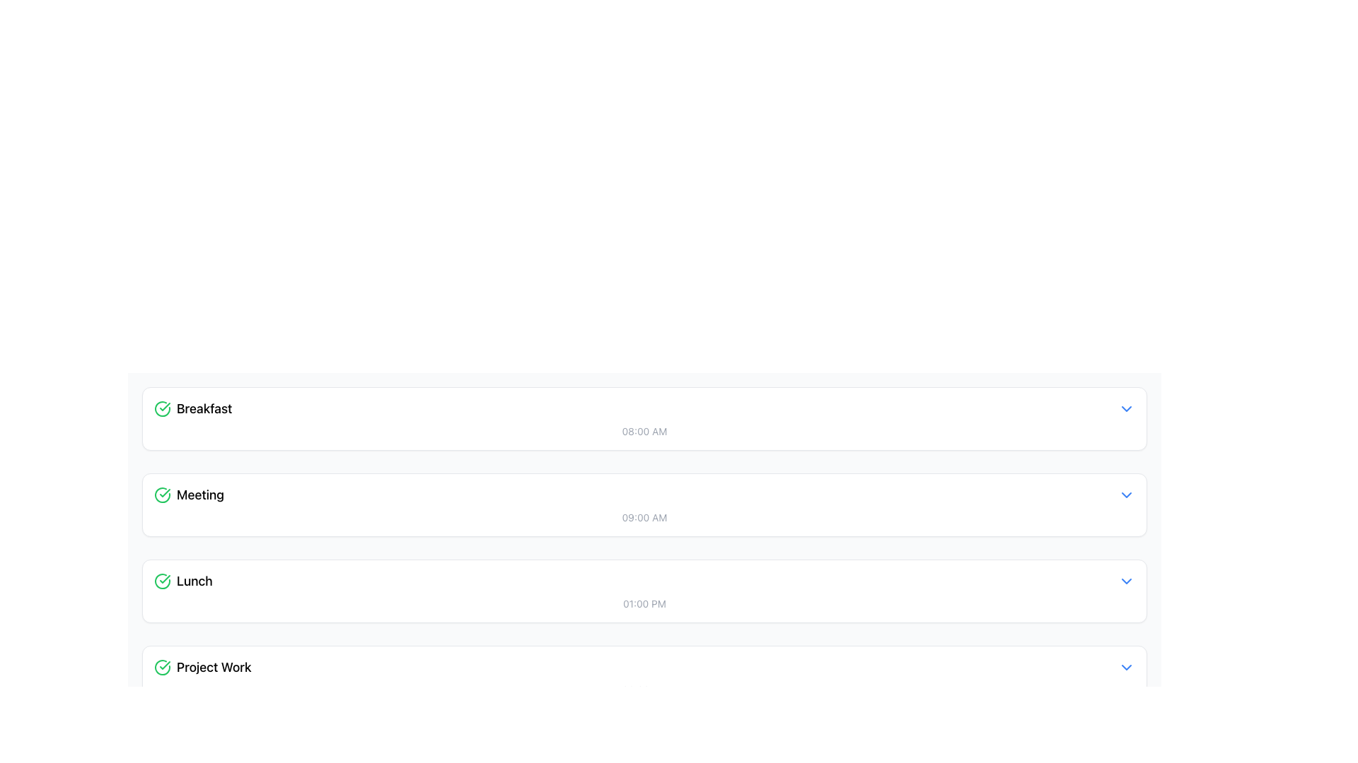 This screenshot has height=763, width=1358. What do you see at coordinates (163, 581) in the screenshot?
I see `the circular outline portion of the checkmark icon adjacent to the 'Lunch' label in the vertical list to indicate the 'Lunch' task is marked or completed` at bounding box center [163, 581].